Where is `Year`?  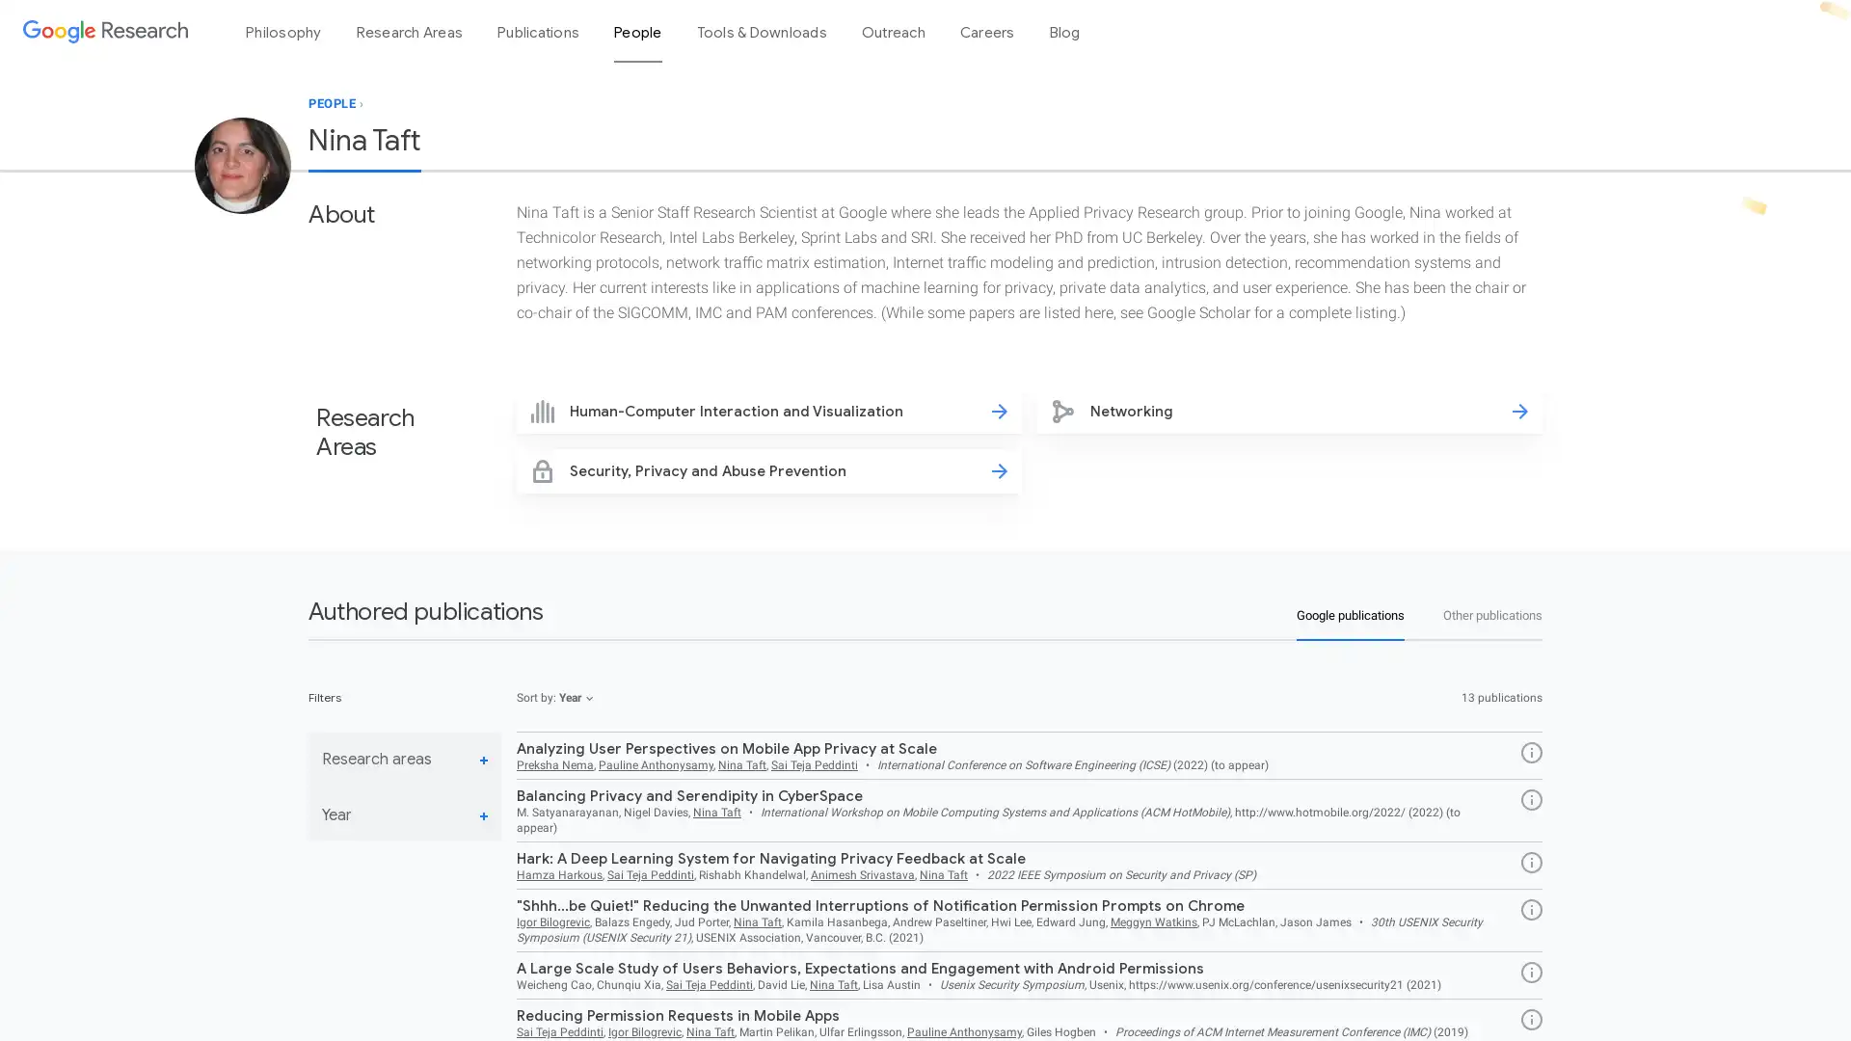 Year is located at coordinates (404, 815).